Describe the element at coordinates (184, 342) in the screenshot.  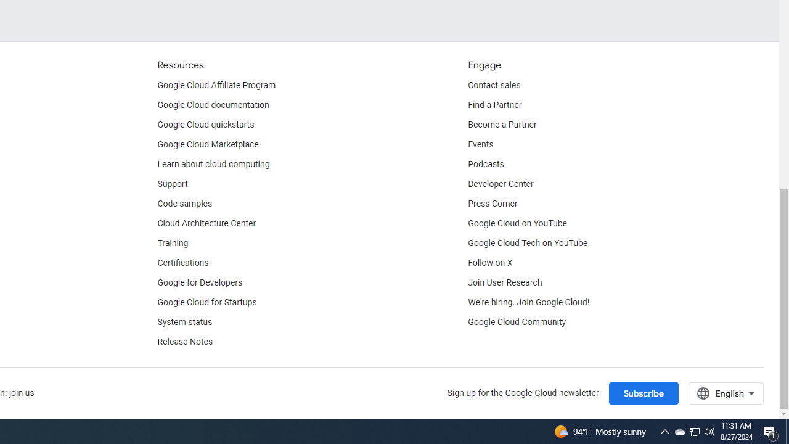
I see `'Release Notes'` at that location.